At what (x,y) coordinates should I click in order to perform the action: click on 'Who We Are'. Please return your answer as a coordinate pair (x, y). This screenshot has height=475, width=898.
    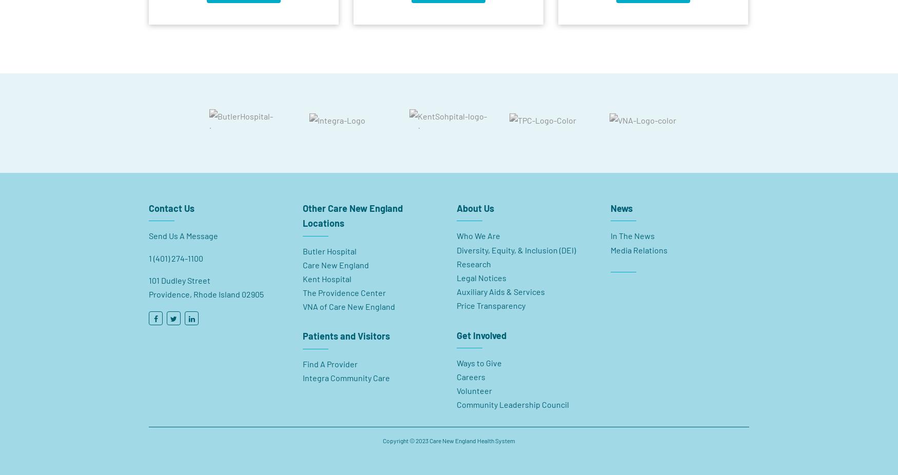
    Looking at the image, I should click on (478, 231).